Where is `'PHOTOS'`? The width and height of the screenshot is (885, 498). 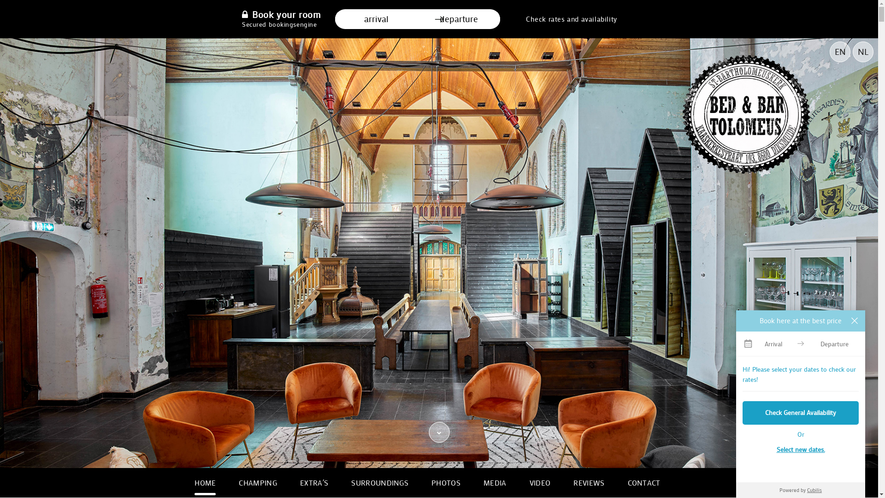
'PHOTOS' is located at coordinates (446, 482).